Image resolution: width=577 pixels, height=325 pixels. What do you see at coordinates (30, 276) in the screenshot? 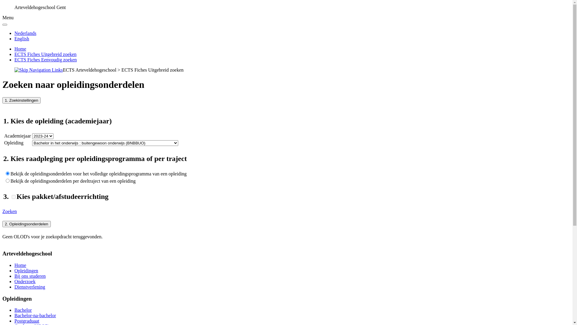
I see `'Bij ons studeren'` at bounding box center [30, 276].